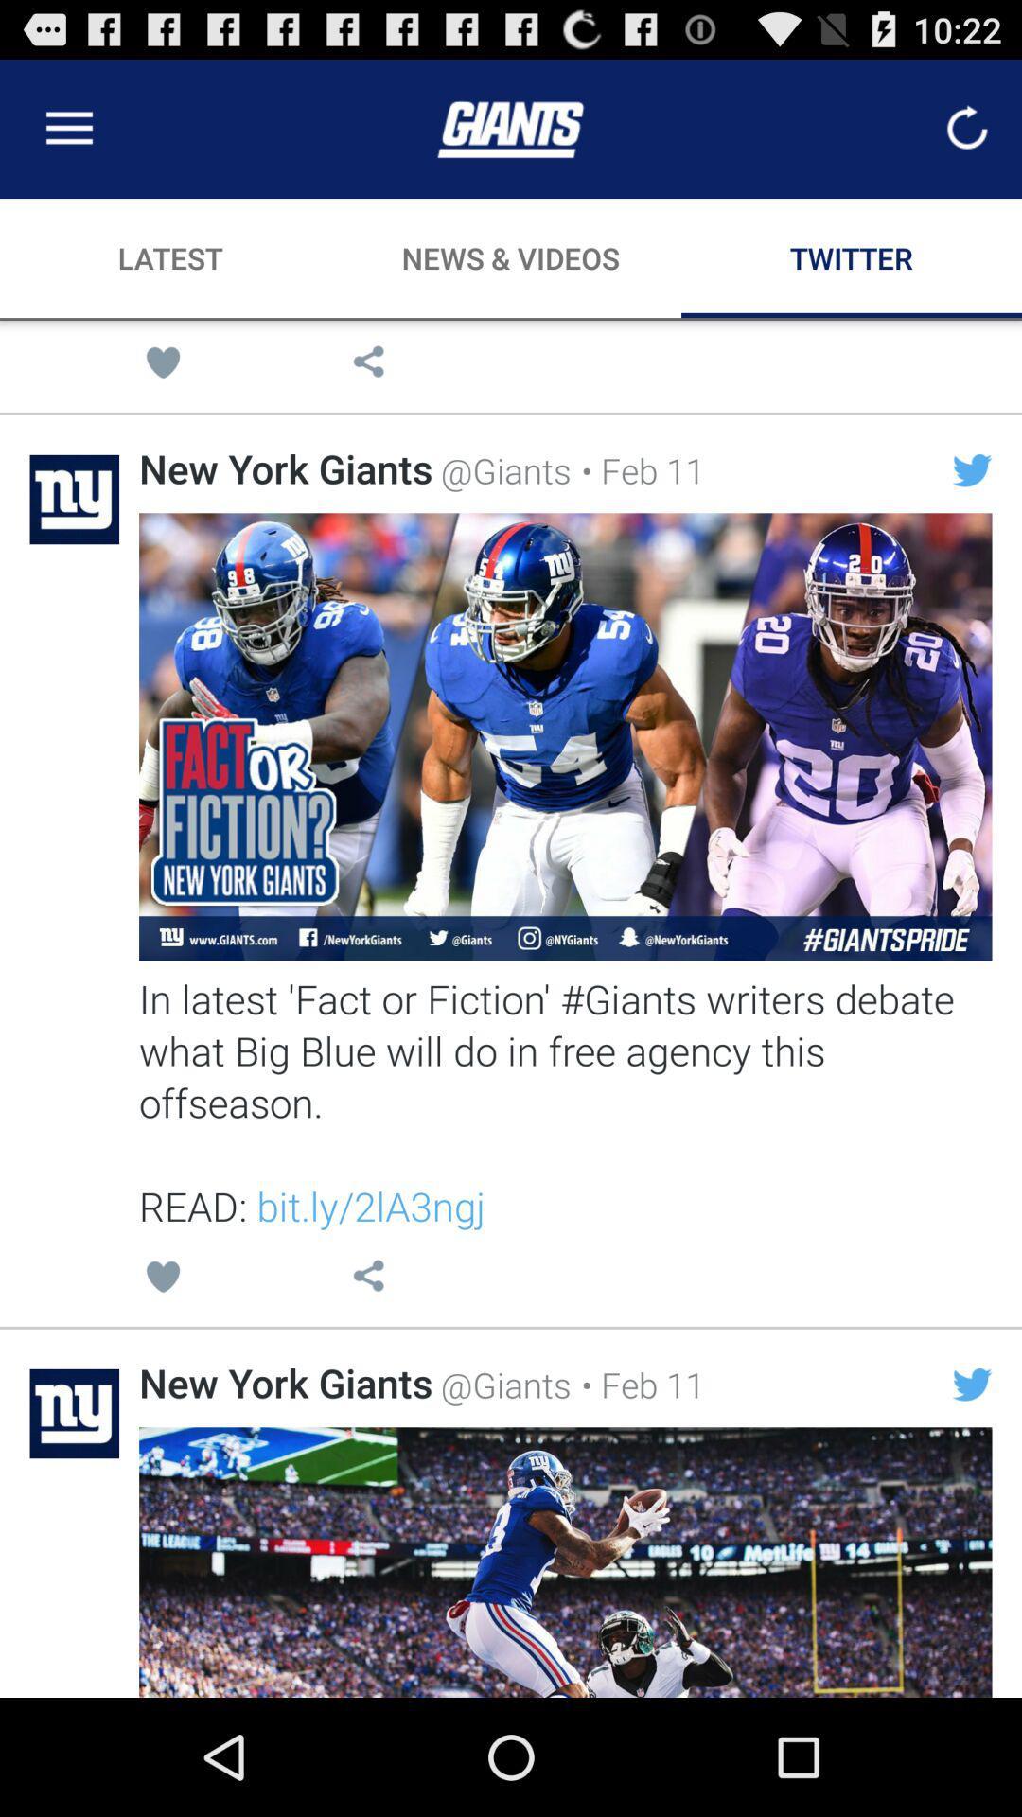 The width and height of the screenshot is (1022, 1817). Describe the element at coordinates (564, 735) in the screenshot. I see `enlarge image` at that location.